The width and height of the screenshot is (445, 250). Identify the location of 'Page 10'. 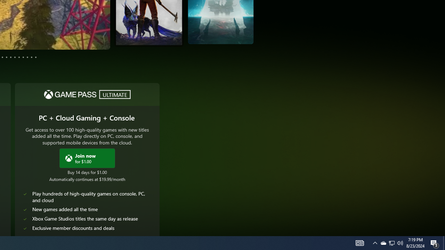
(27, 57).